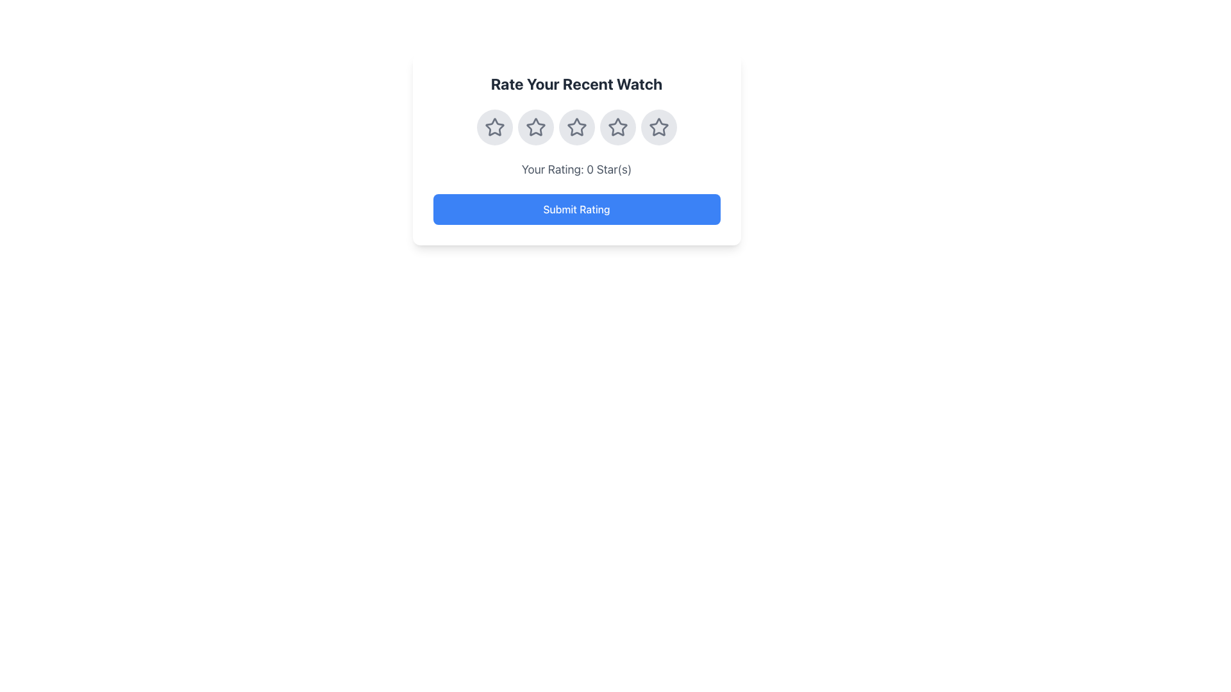  I want to click on the fifth star icon in the rating mechanism, so click(658, 127).